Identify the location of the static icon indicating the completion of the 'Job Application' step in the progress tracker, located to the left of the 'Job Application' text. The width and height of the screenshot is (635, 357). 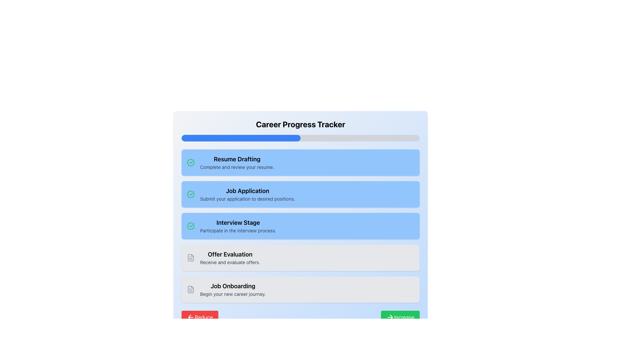
(190, 194).